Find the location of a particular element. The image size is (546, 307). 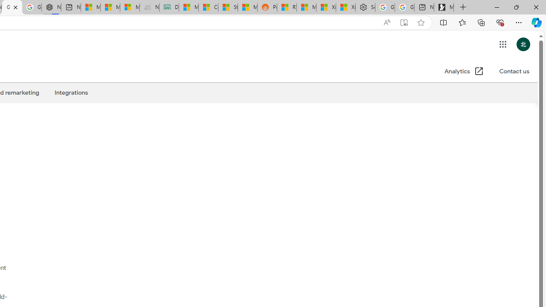

'Analytics (Open in a new window)' is located at coordinates (464, 71).